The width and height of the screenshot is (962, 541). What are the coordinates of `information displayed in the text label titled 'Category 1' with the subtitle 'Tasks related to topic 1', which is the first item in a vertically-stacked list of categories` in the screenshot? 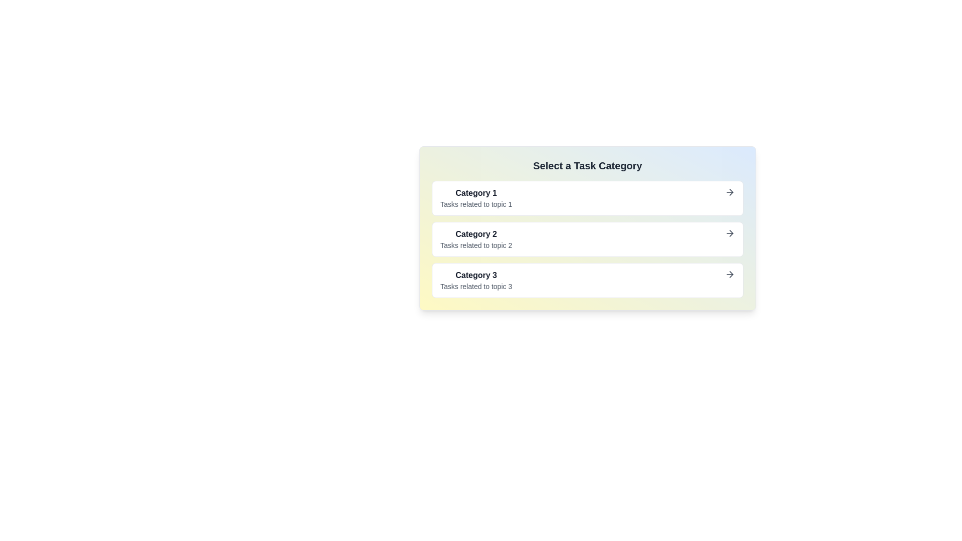 It's located at (475, 198).